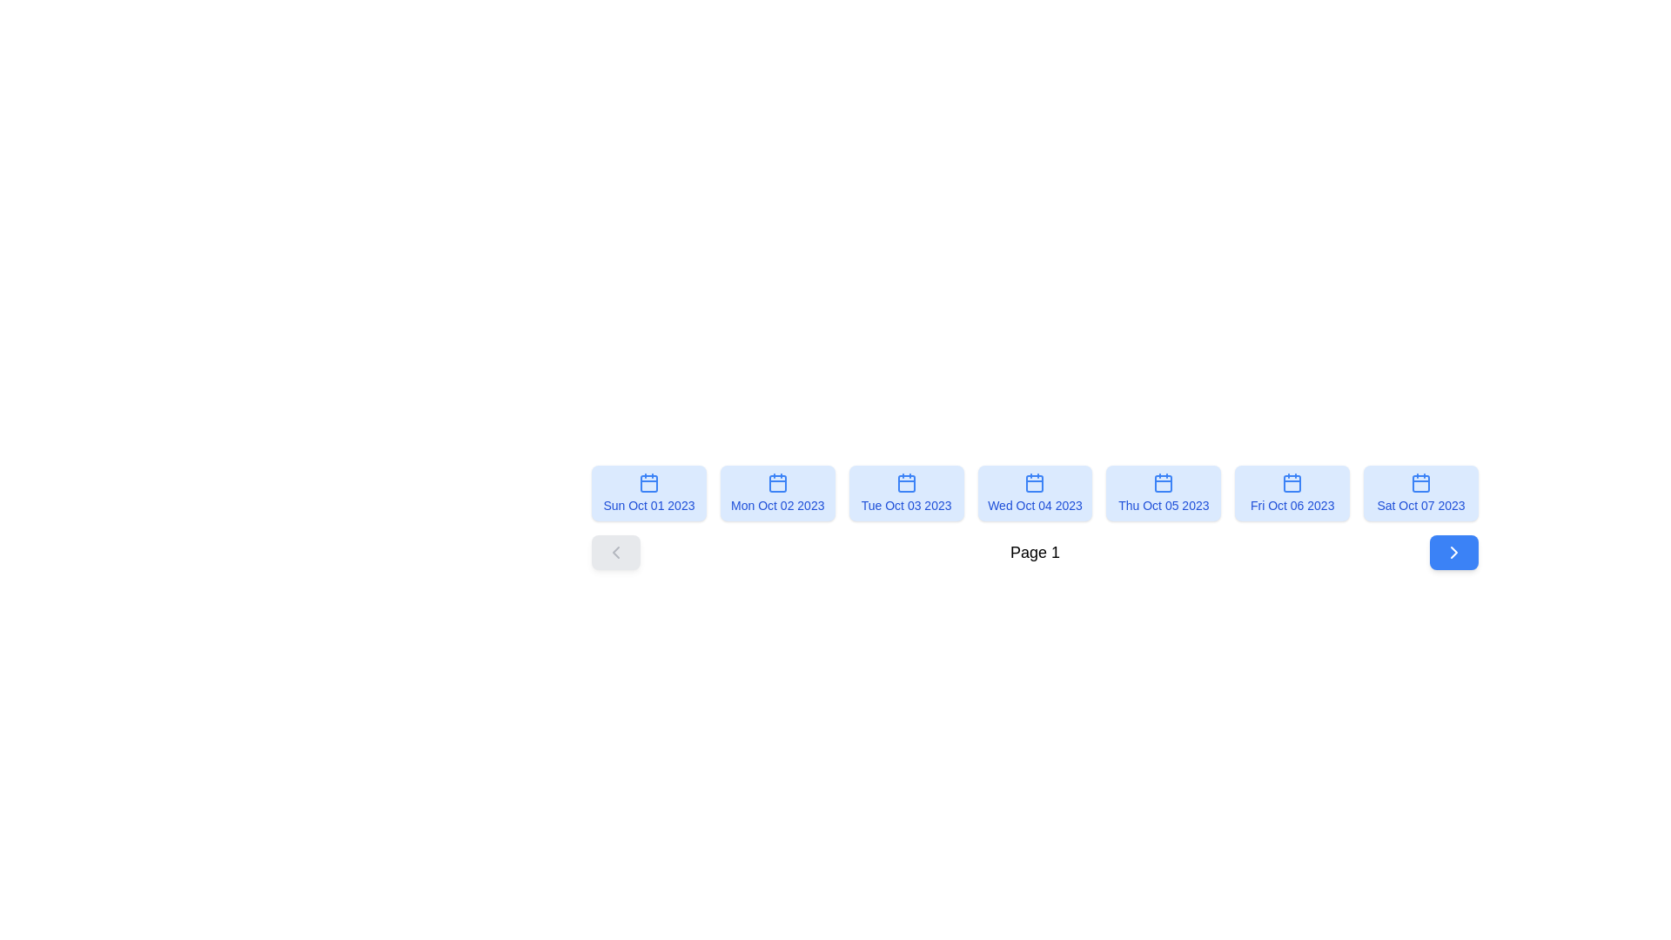  I want to click on the date selection card component located at the far right of the grid, which allows users, so click(1421, 493).